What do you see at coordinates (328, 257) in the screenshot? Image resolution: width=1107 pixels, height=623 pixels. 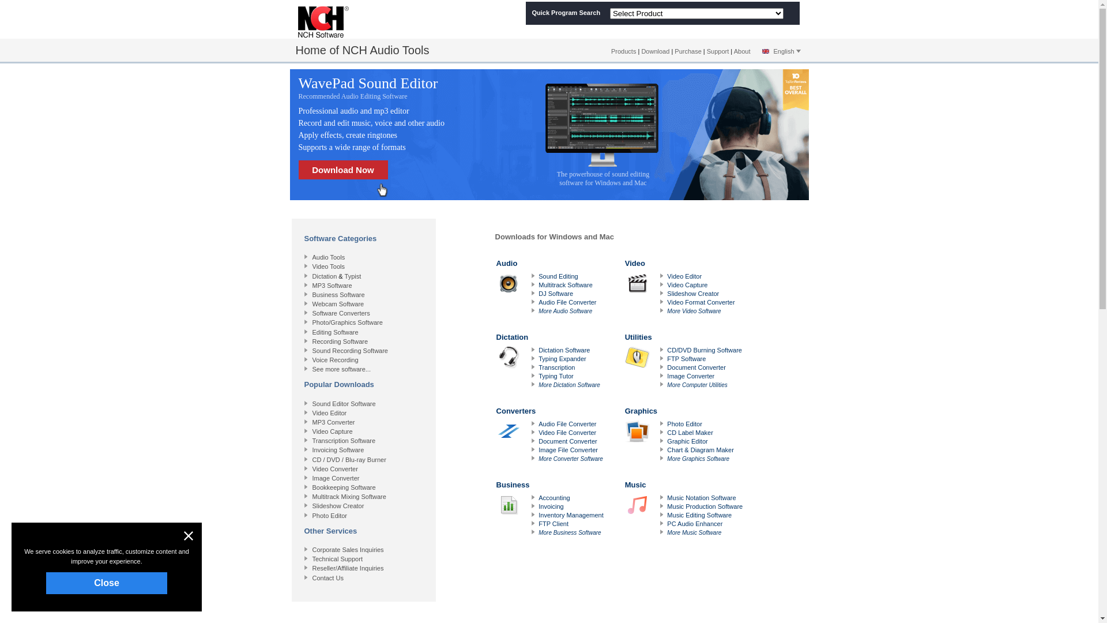 I see `'Audio Tools'` at bounding box center [328, 257].